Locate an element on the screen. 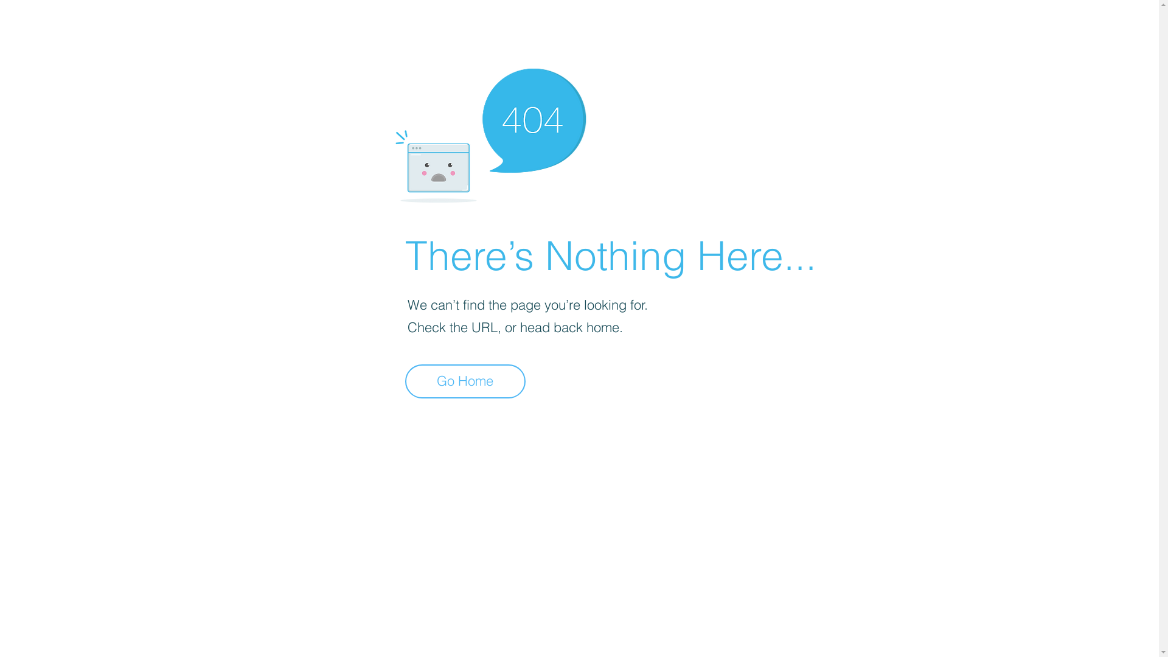 The image size is (1168, 657). 'Go Home' is located at coordinates (464, 381).